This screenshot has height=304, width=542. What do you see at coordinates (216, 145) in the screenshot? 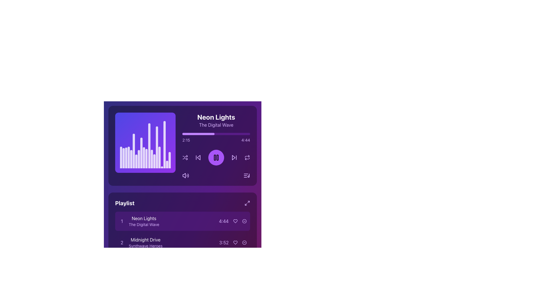
I see `the multimedia controller section located at the center-right of the interface to navigate, shuffle, or repeat the music track` at bounding box center [216, 145].